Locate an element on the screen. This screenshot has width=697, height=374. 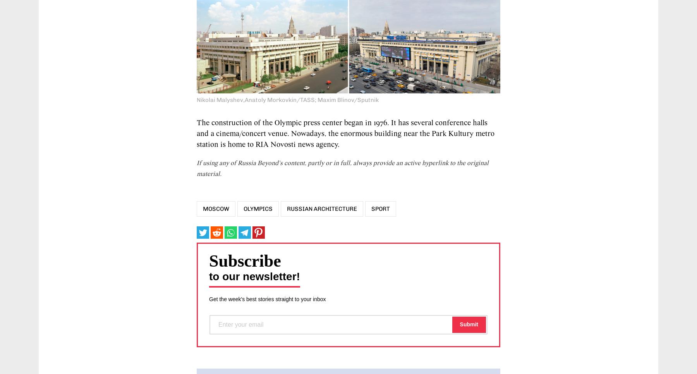
'Get the week's best stories straight to your inbox' is located at coordinates (267, 298).